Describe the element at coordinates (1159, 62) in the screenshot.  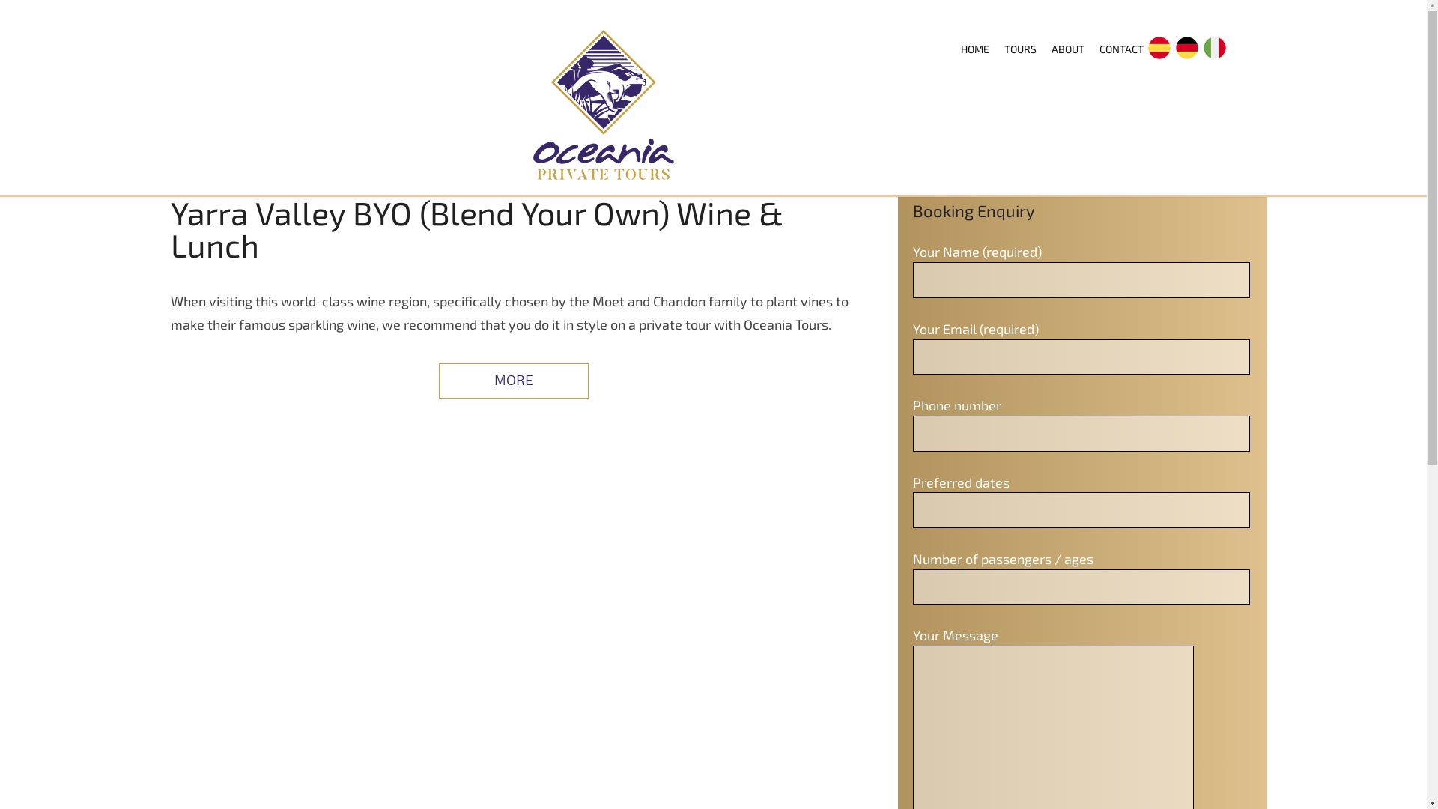
I see `'ES'` at that location.